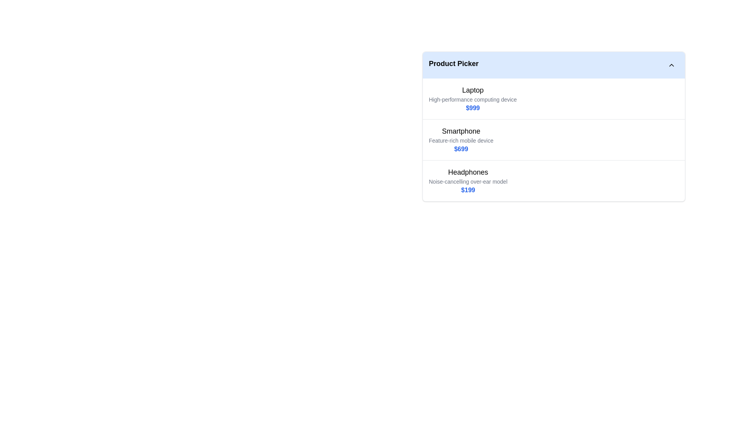 The width and height of the screenshot is (751, 422). Describe the element at coordinates (461, 139) in the screenshot. I see `the static text block displaying product details for the smartphone, which is the second item in the 'Product Picker' list` at that location.